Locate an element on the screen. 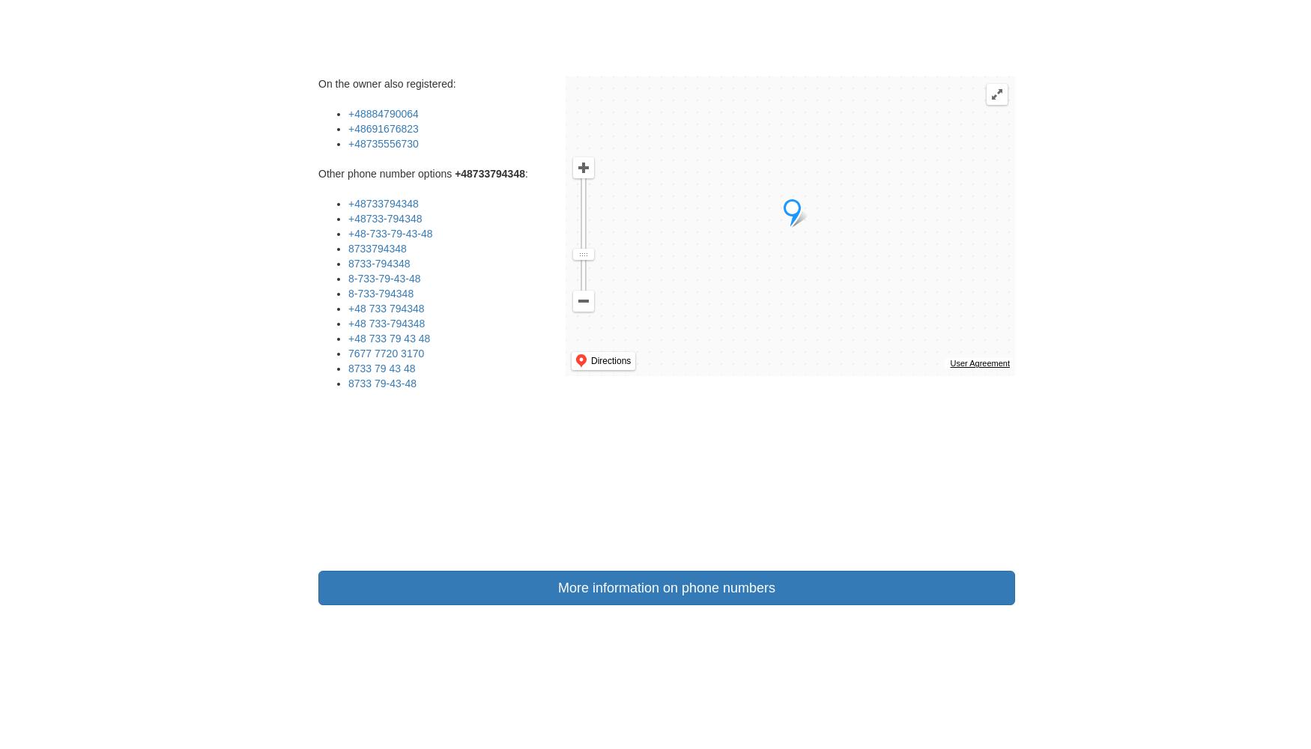 The width and height of the screenshot is (1311, 749). '+48691676823' is located at coordinates (348, 129).